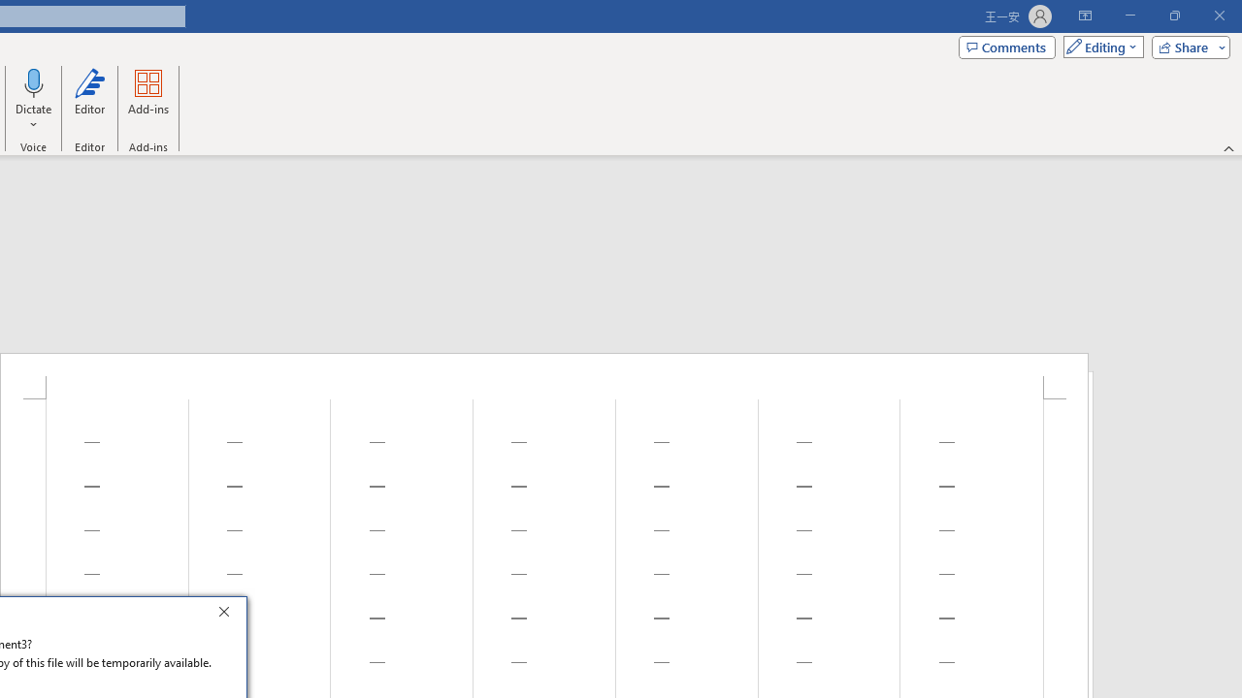 This screenshot has height=698, width=1242. Describe the element at coordinates (1084, 16) in the screenshot. I see `'Ribbon Display Options'` at that location.